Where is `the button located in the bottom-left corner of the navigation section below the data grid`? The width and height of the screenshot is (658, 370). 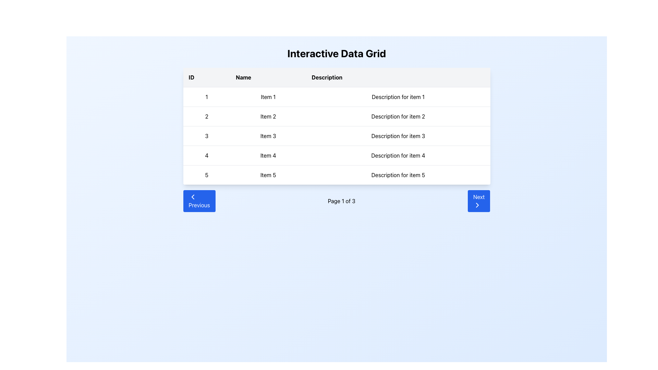
the button located in the bottom-left corner of the navigation section below the data grid is located at coordinates (199, 200).